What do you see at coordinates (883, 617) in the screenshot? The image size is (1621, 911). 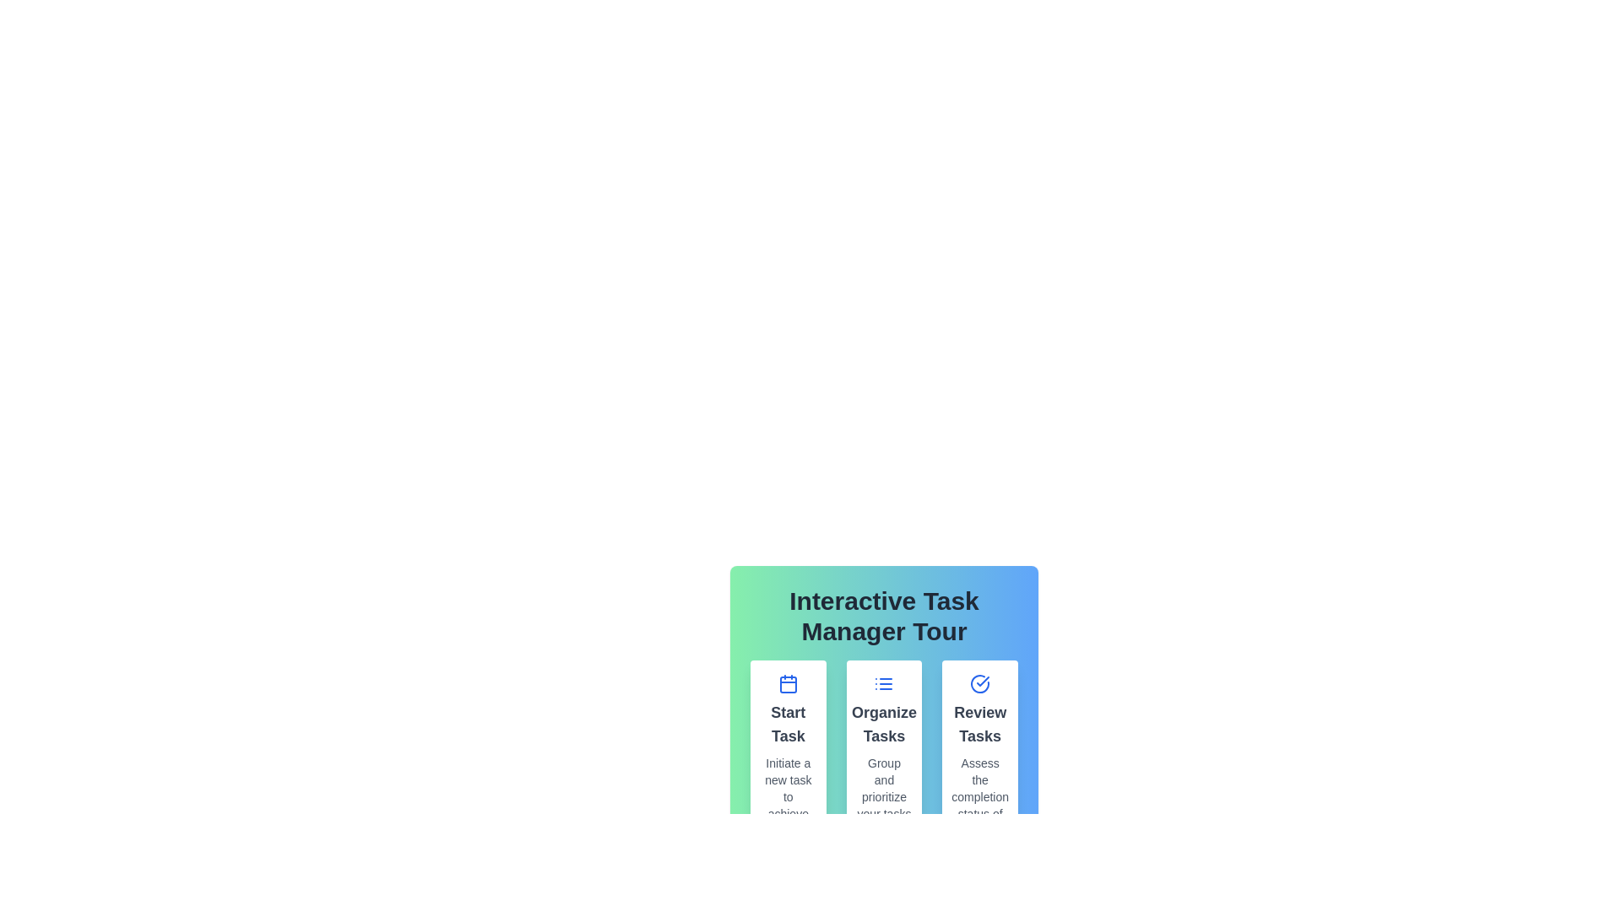 I see `the heading 'Interactive Task Manager Tour' for accessibility features by moving the cursor to its center` at bounding box center [883, 617].